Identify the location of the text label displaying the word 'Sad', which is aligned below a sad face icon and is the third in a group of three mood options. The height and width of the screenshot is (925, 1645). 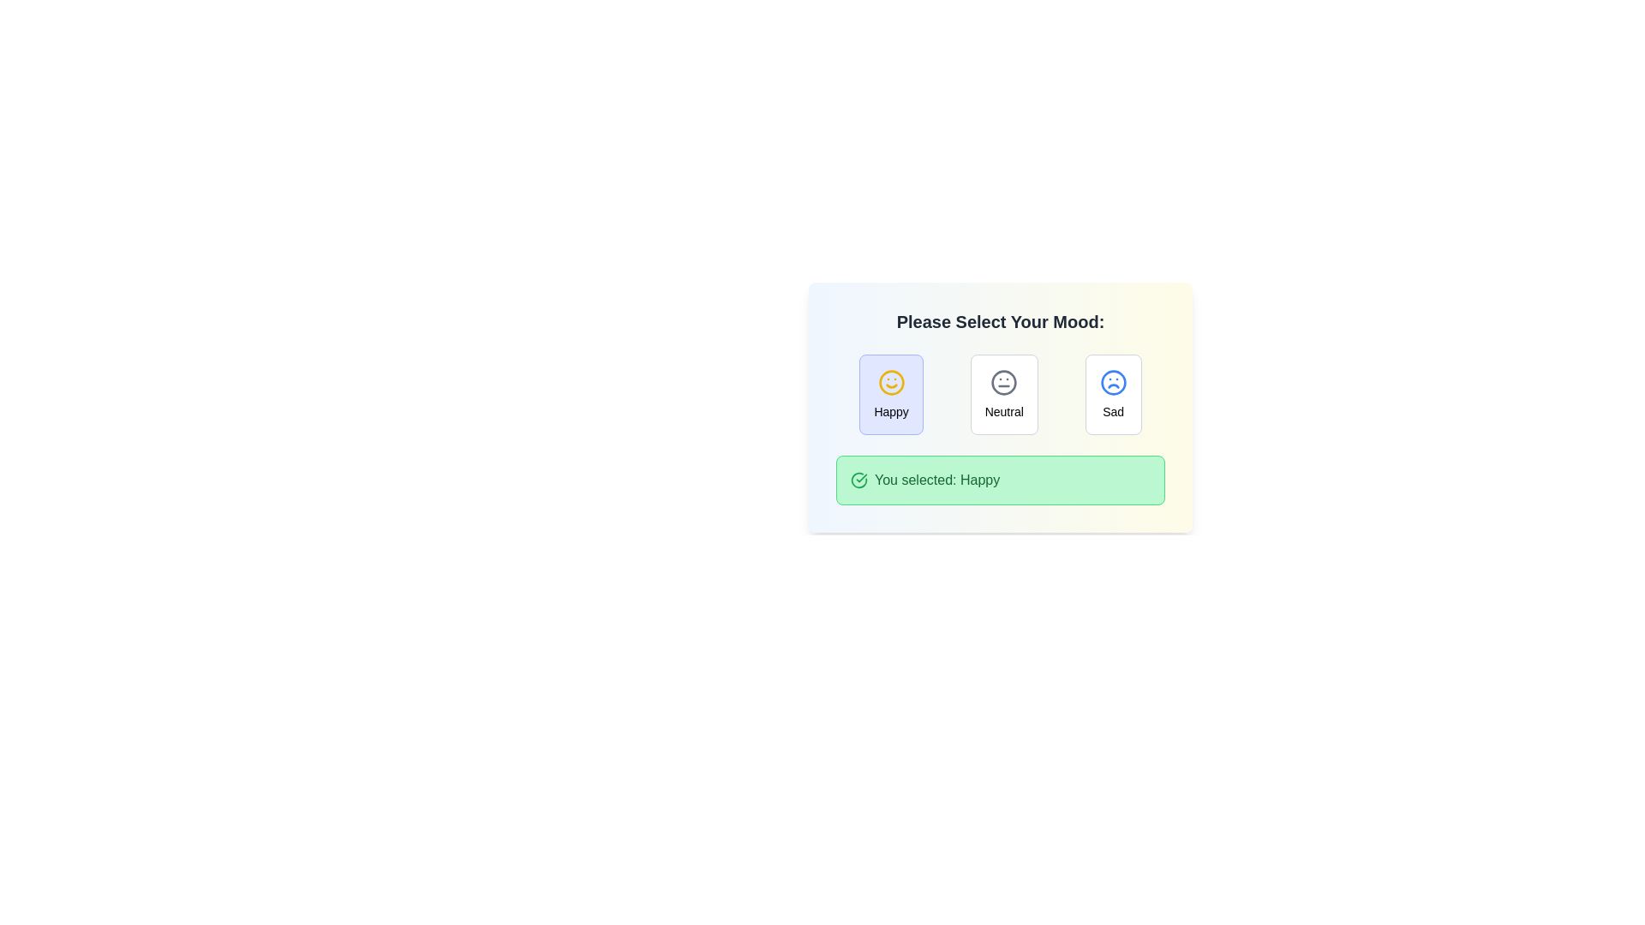
(1113, 412).